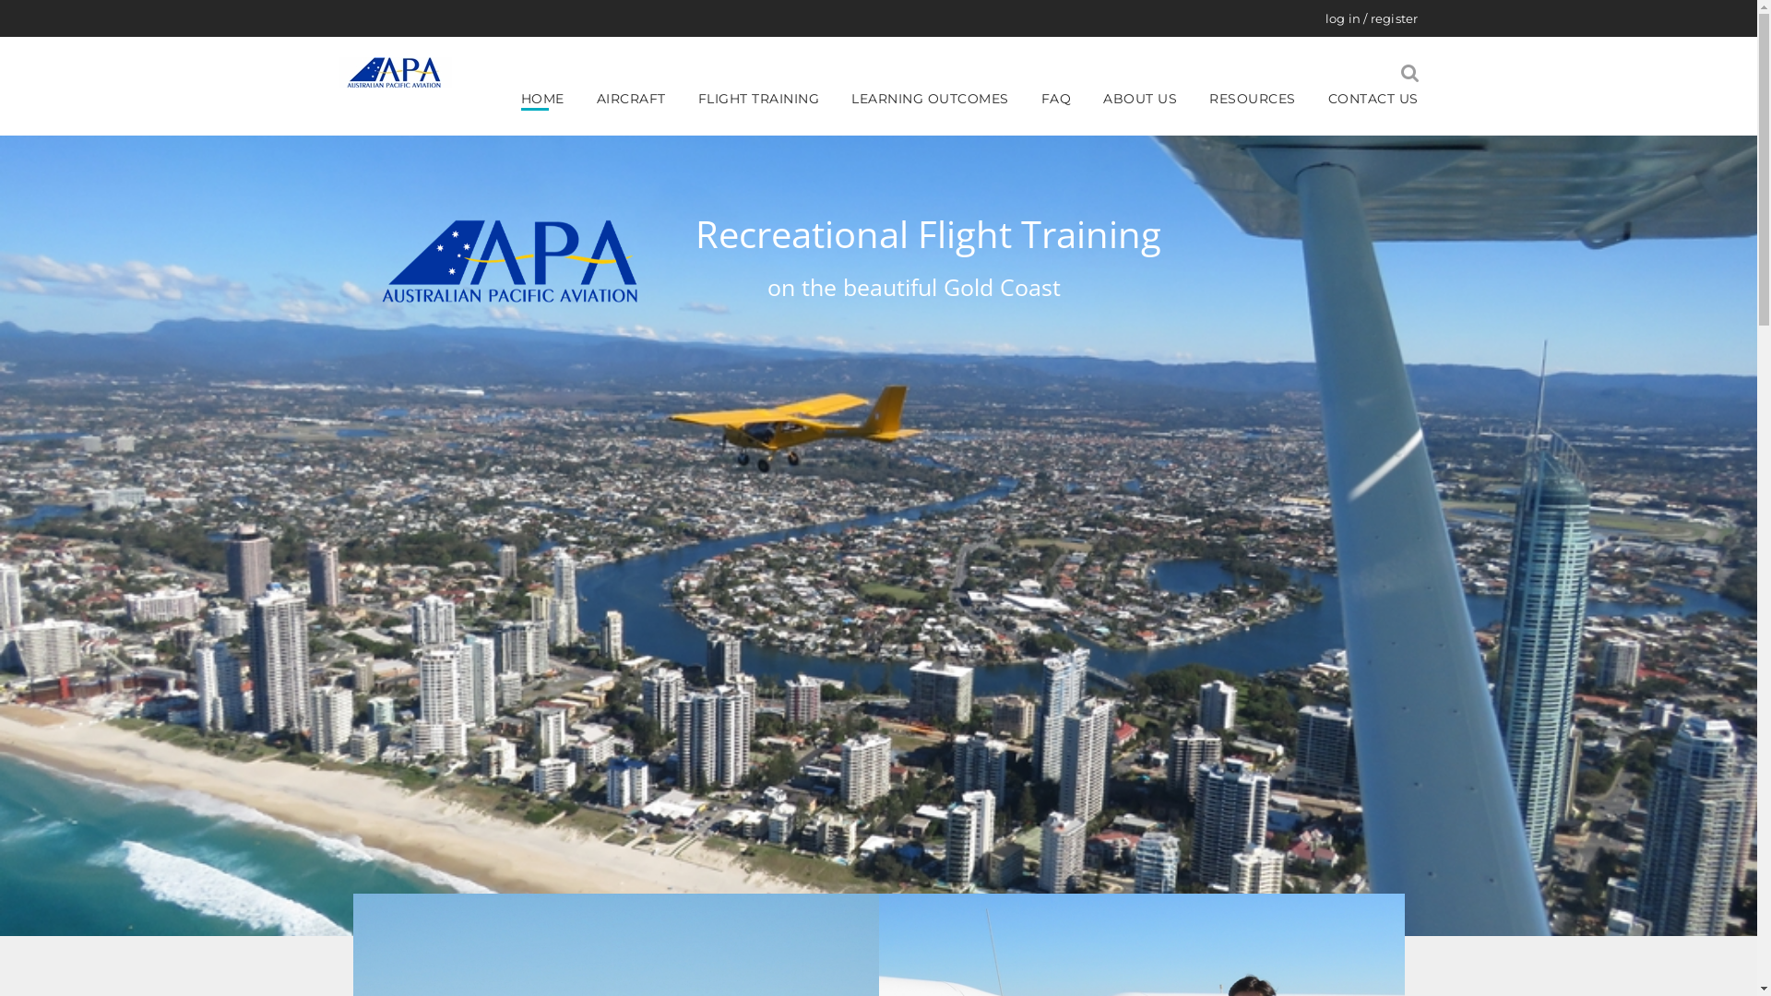 This screenshot has width=1771, height=996. What do you see at coordinates (769, 99) in the screenshot?
I see `'FLIGHT TRAINING'` at bounding box center [769, 99].